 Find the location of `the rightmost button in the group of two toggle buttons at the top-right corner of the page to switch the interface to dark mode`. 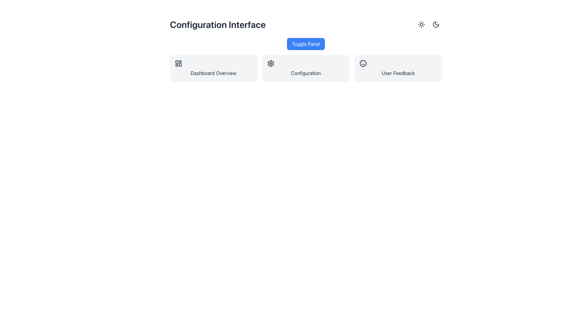

the rightmost button in the group of two toggle buttons at the top-right corner of the page to switch the interface to dark mode is located at coordinates (435, 24).